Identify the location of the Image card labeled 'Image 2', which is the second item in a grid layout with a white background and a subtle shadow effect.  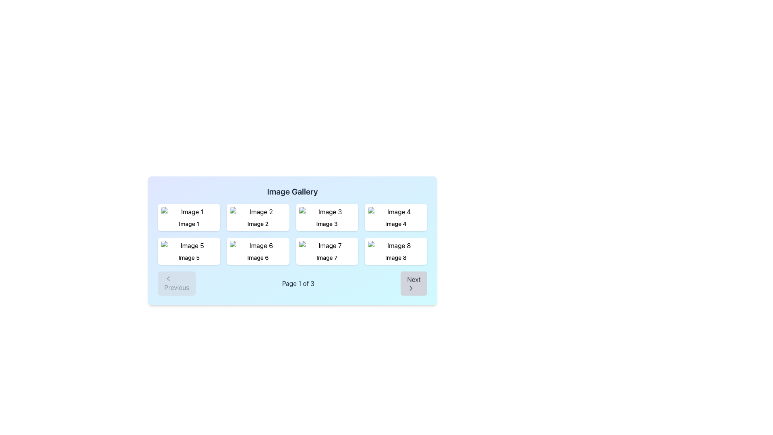
(258, 217).